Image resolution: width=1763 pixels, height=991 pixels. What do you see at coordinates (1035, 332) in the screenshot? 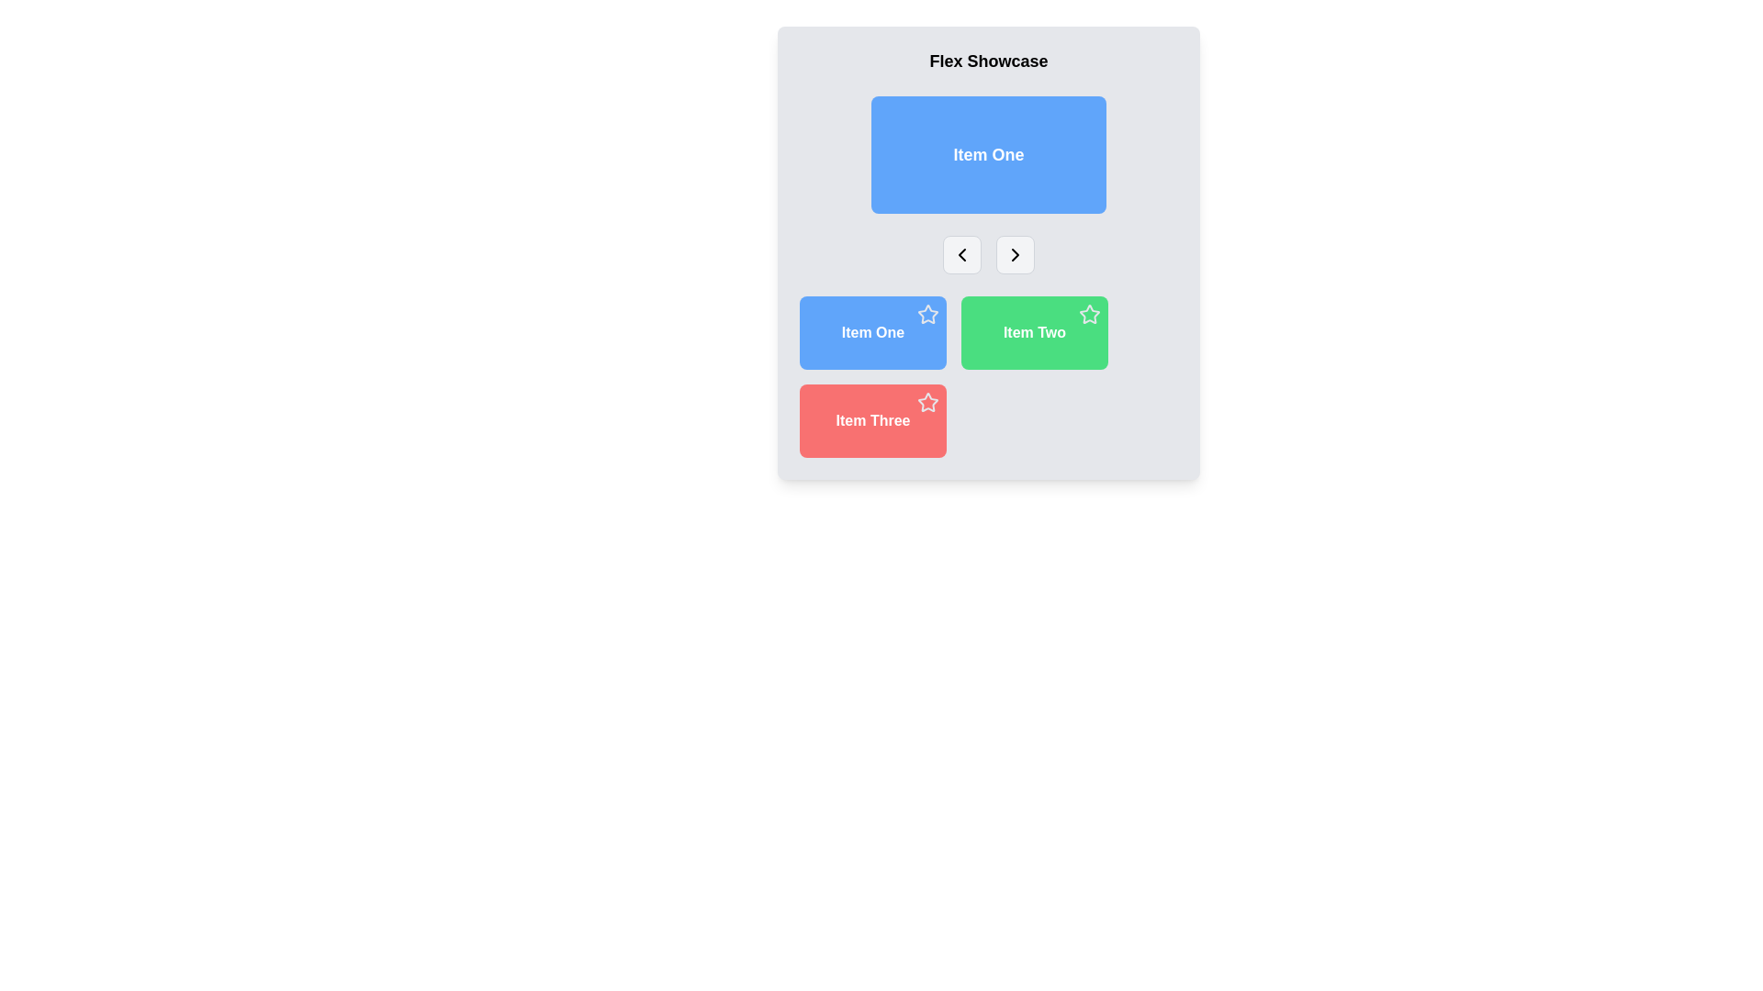
I see `the star icon embedded in the card-type component displaying 'Item Two' to change its color to yellow` at bounding box center [1035, 332].